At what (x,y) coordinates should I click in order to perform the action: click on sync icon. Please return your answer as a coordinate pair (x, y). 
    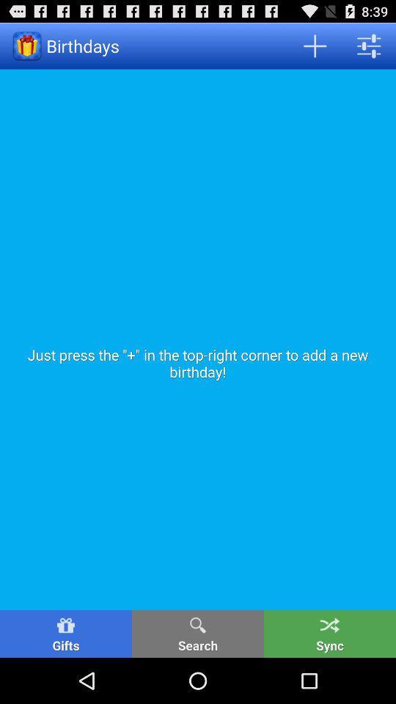
    Looking at the image, I should click on (329, 633).